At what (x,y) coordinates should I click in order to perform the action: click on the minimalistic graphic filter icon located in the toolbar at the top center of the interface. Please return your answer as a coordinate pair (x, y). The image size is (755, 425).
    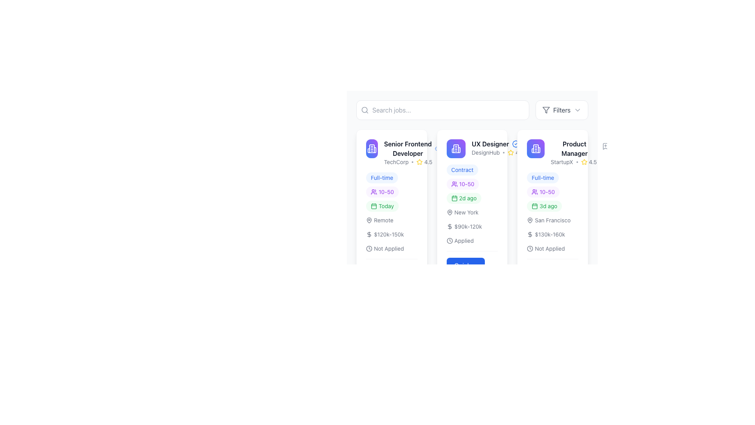
    Looking at the image, I should click on (545, 110).